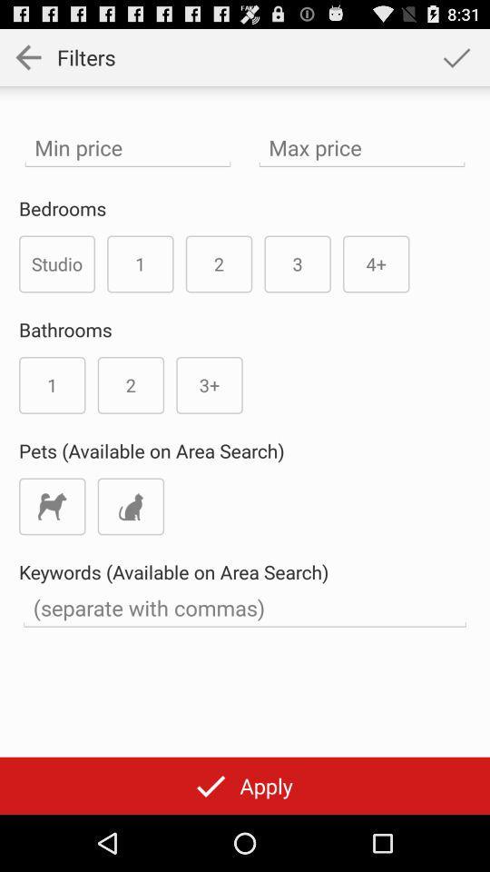  What do you see at coordinates (130, 506) in the screenshot?
I see `cat` at bounding box center [130, 506].